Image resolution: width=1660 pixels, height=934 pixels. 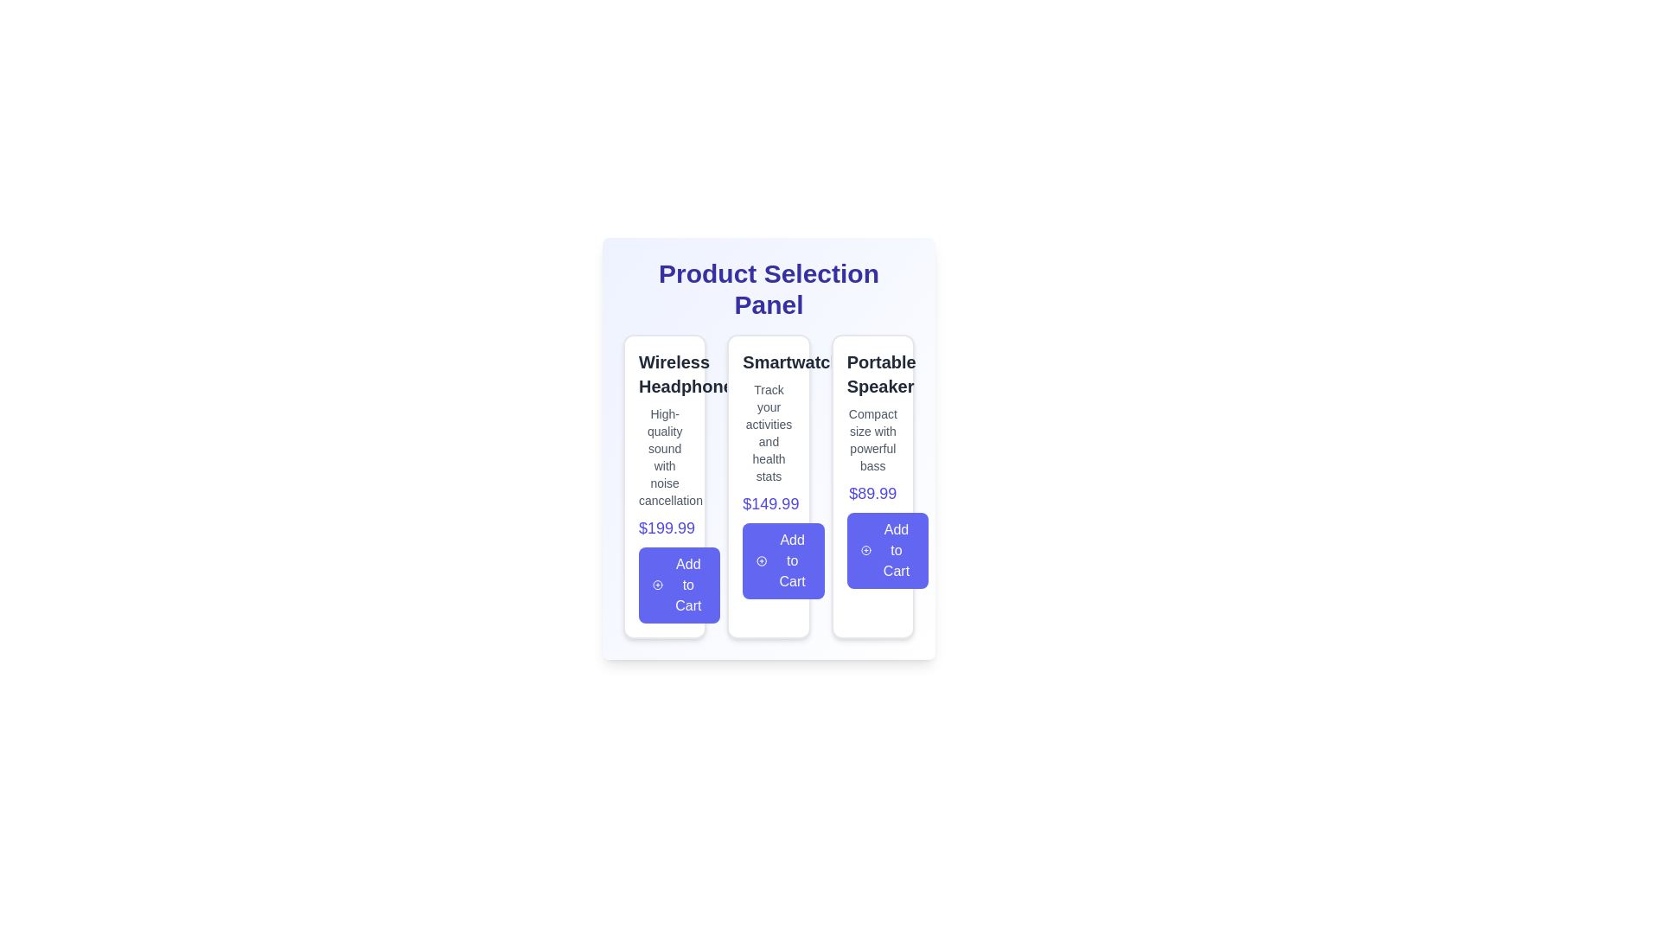 What do you see at coordinates (664, 456) in the screenshot?
I see `the static text label providing information about Wireless Headphones, located under the title and above the price` at bounding box center [664, 456].